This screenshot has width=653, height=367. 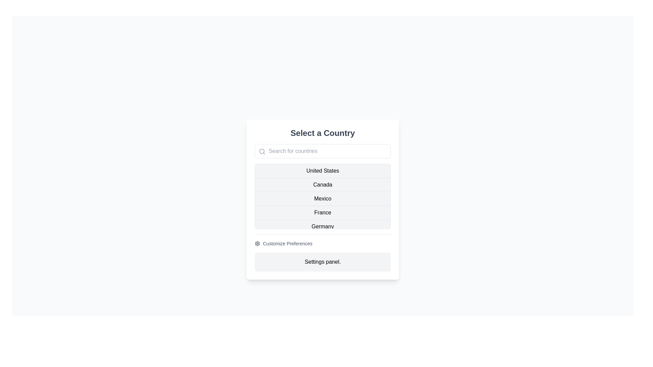 I want to click on the search icon located at the beginning of the input field labeled 'Search for countries', so click(x=262, y=151).